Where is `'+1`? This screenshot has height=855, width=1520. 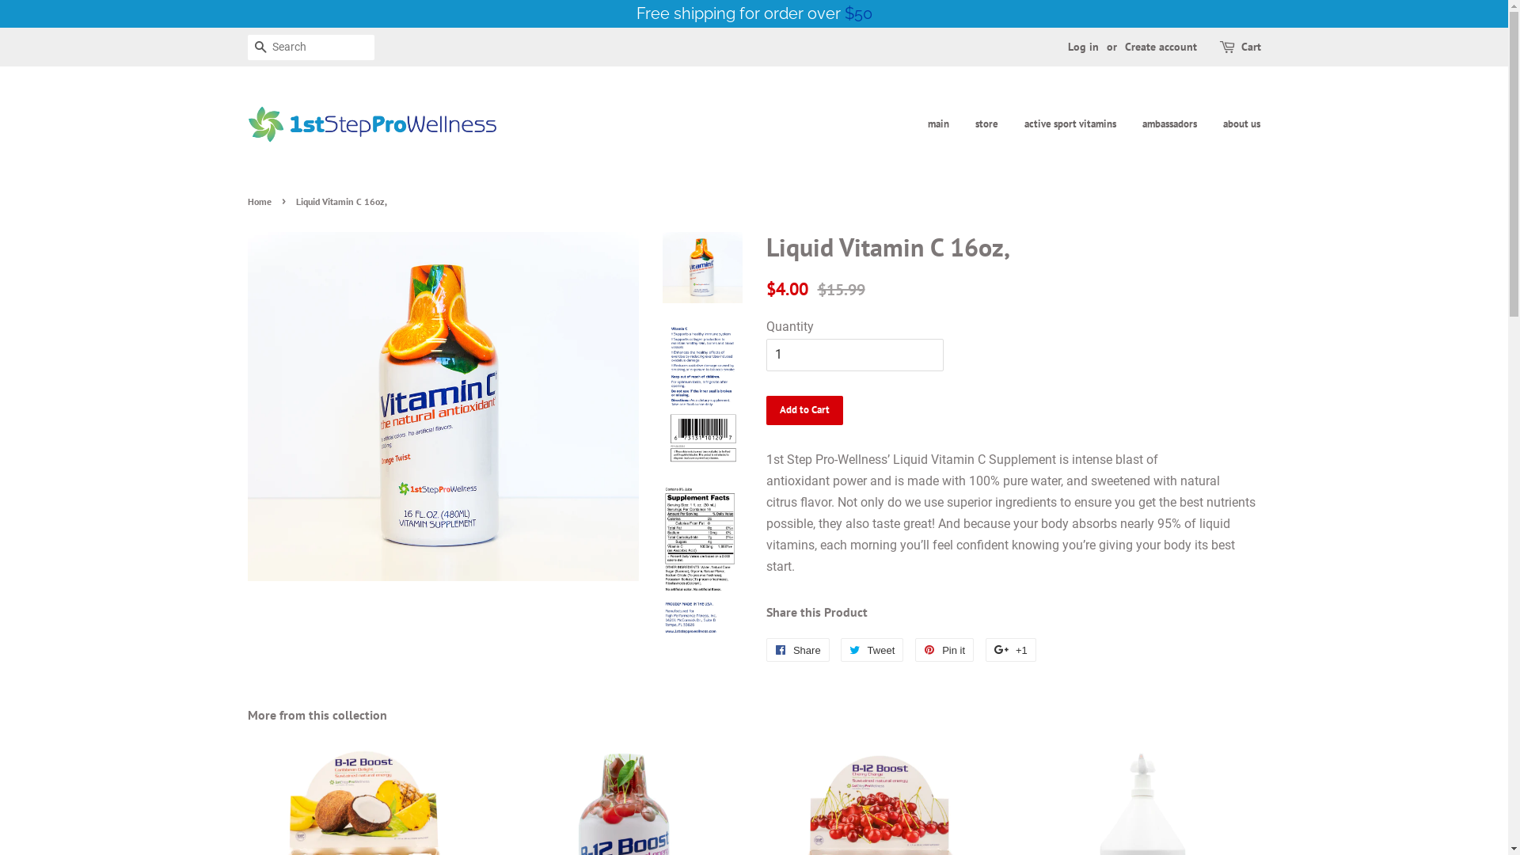 '+1 is located at coordinates (1009, 650).